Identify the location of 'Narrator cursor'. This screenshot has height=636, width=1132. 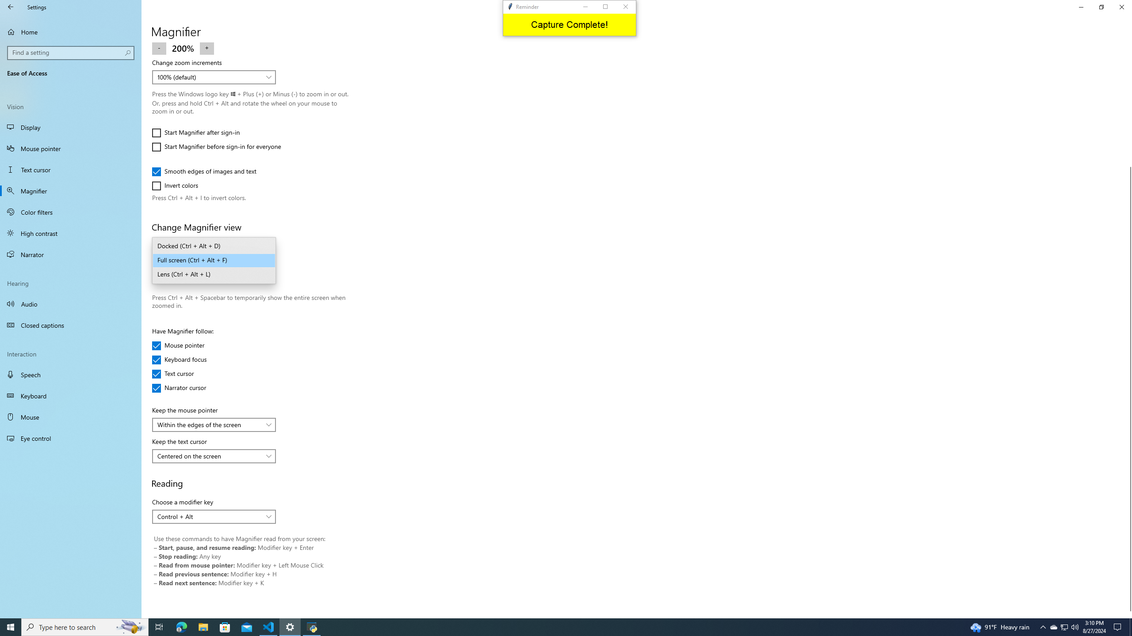
(178, 388).